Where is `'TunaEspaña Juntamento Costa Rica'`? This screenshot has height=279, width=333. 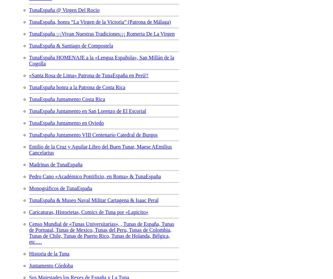
'TunaEspaña Juntamento Costa Rica' is located at coordinates (29, 99).